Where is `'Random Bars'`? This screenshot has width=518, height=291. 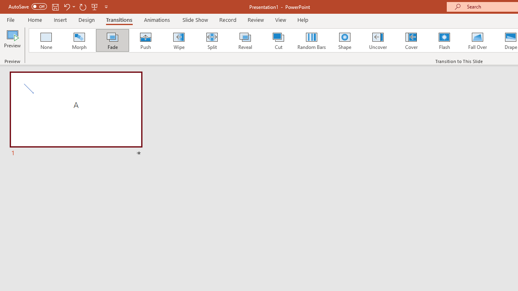
'Random Bars' is located at coordinates (311, 40).